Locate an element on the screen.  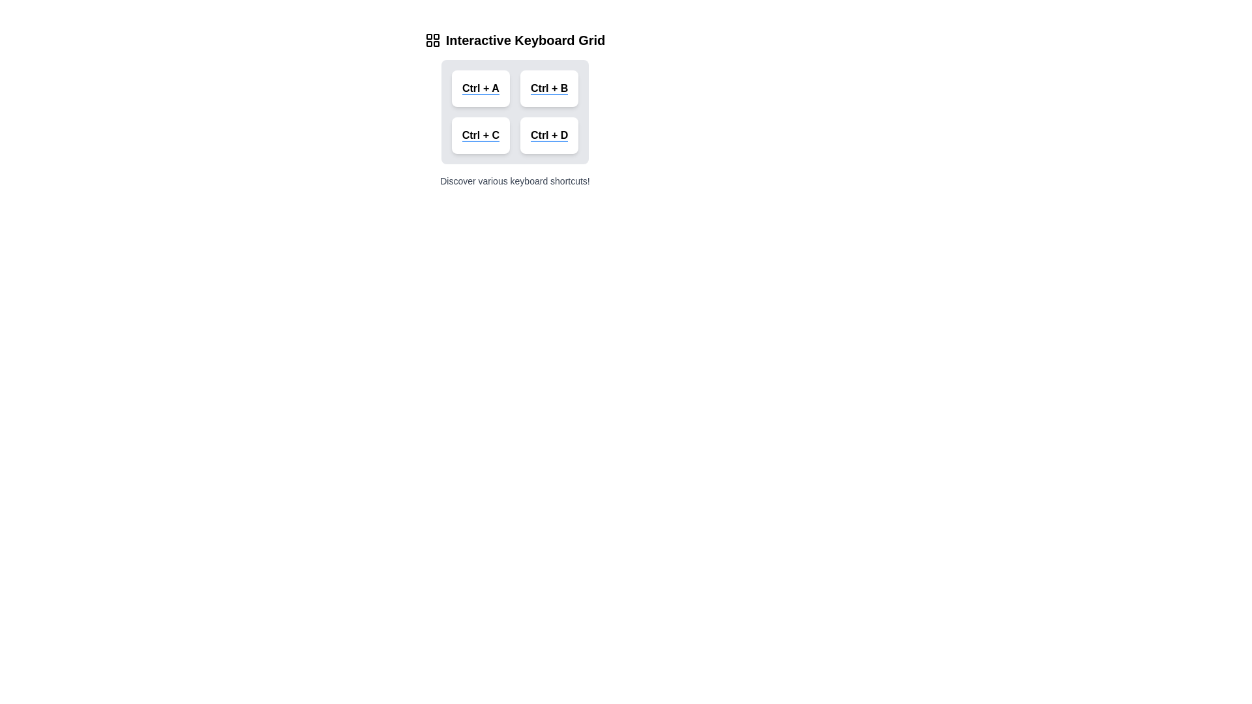
the text label displaying 'Ctrl + A', which is styled with medium-sized bold font and has a blue bottom border is located at coordinates (480, 88).